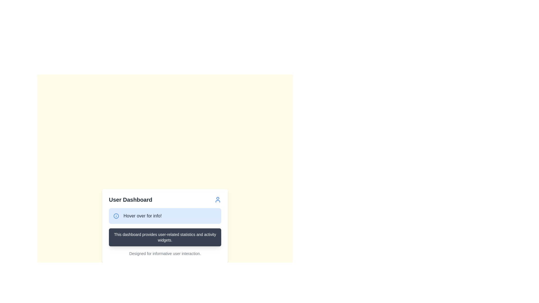 The width and height of the screenshot is (539, 303). I want to click on the descriptive text display located at the bottom of the card-styled layout, which provides additional information about the interface, so click(165, 253).